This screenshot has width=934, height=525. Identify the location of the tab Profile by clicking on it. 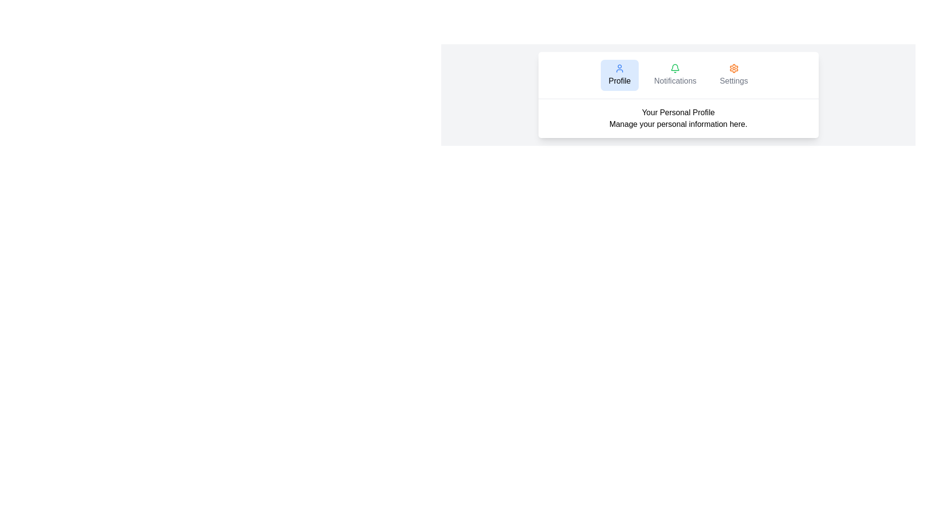
(619, 74).